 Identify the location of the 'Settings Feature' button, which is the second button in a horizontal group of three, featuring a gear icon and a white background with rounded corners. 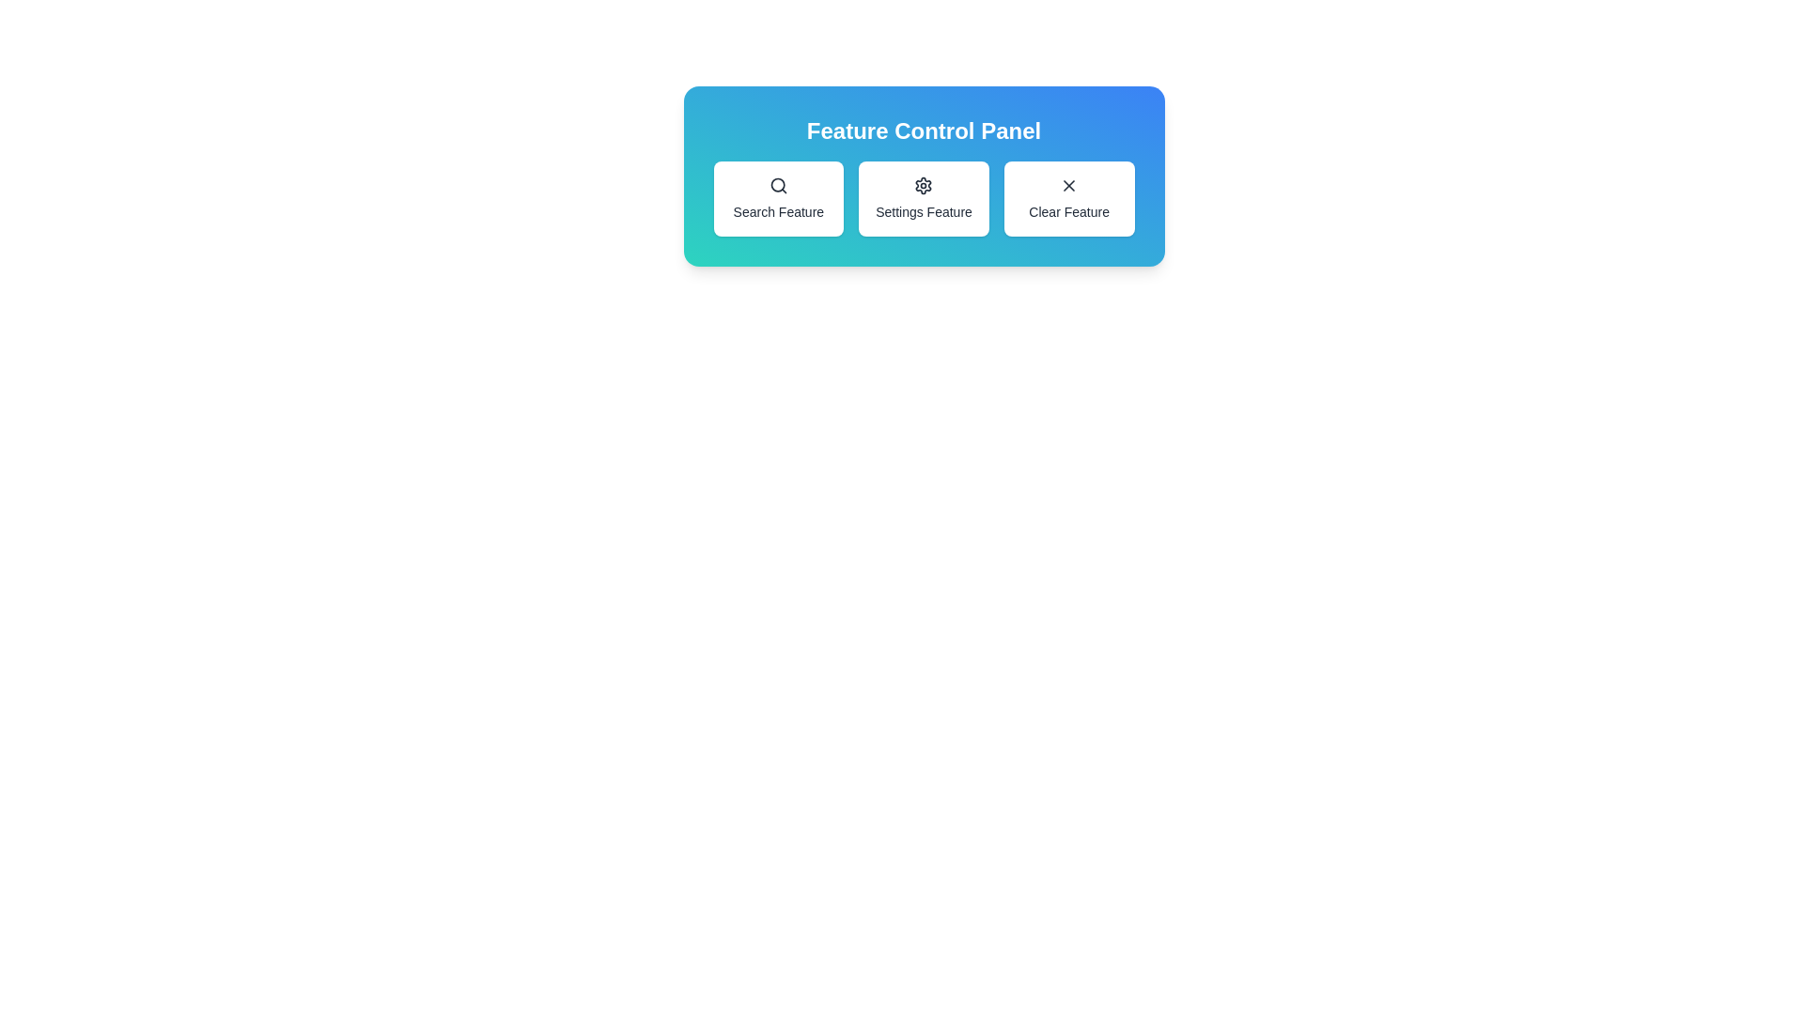
(924, 199).